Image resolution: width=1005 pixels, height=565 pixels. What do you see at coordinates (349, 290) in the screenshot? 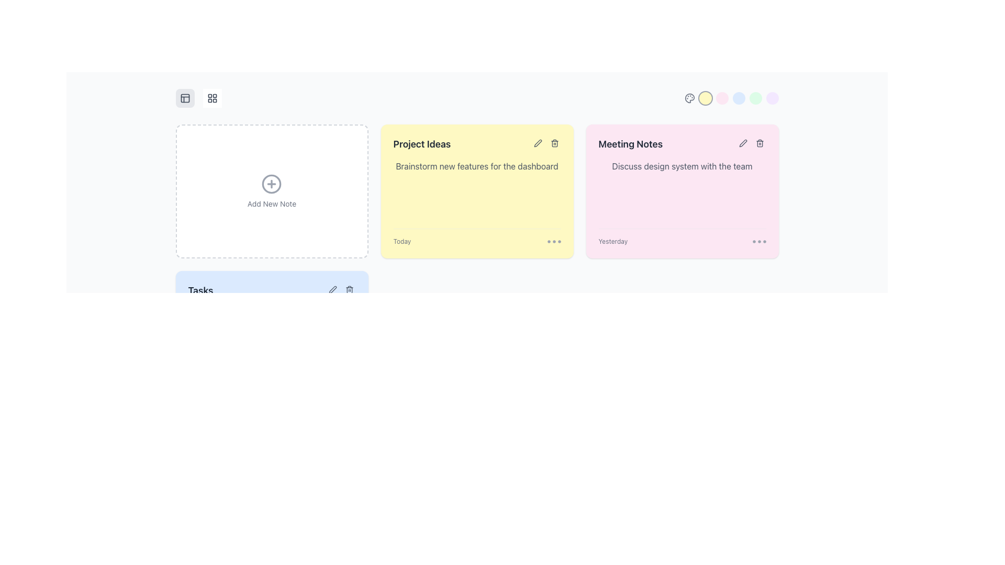
I see `the trash icon button located in the 'Tasks' section` at bounding box center [349, 290].